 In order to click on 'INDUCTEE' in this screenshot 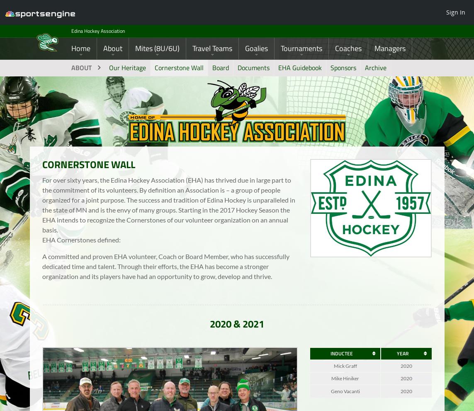, I will do `click(340, 359)`.